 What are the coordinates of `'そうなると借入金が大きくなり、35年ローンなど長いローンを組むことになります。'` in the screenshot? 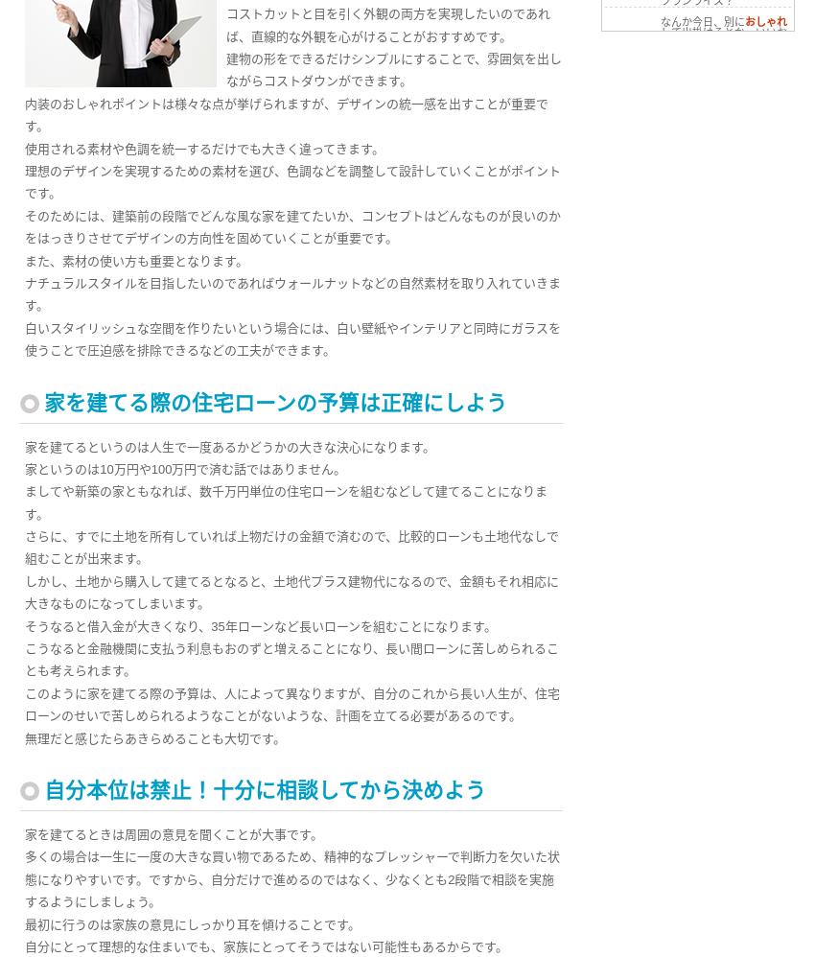 It's located at (259, 624).